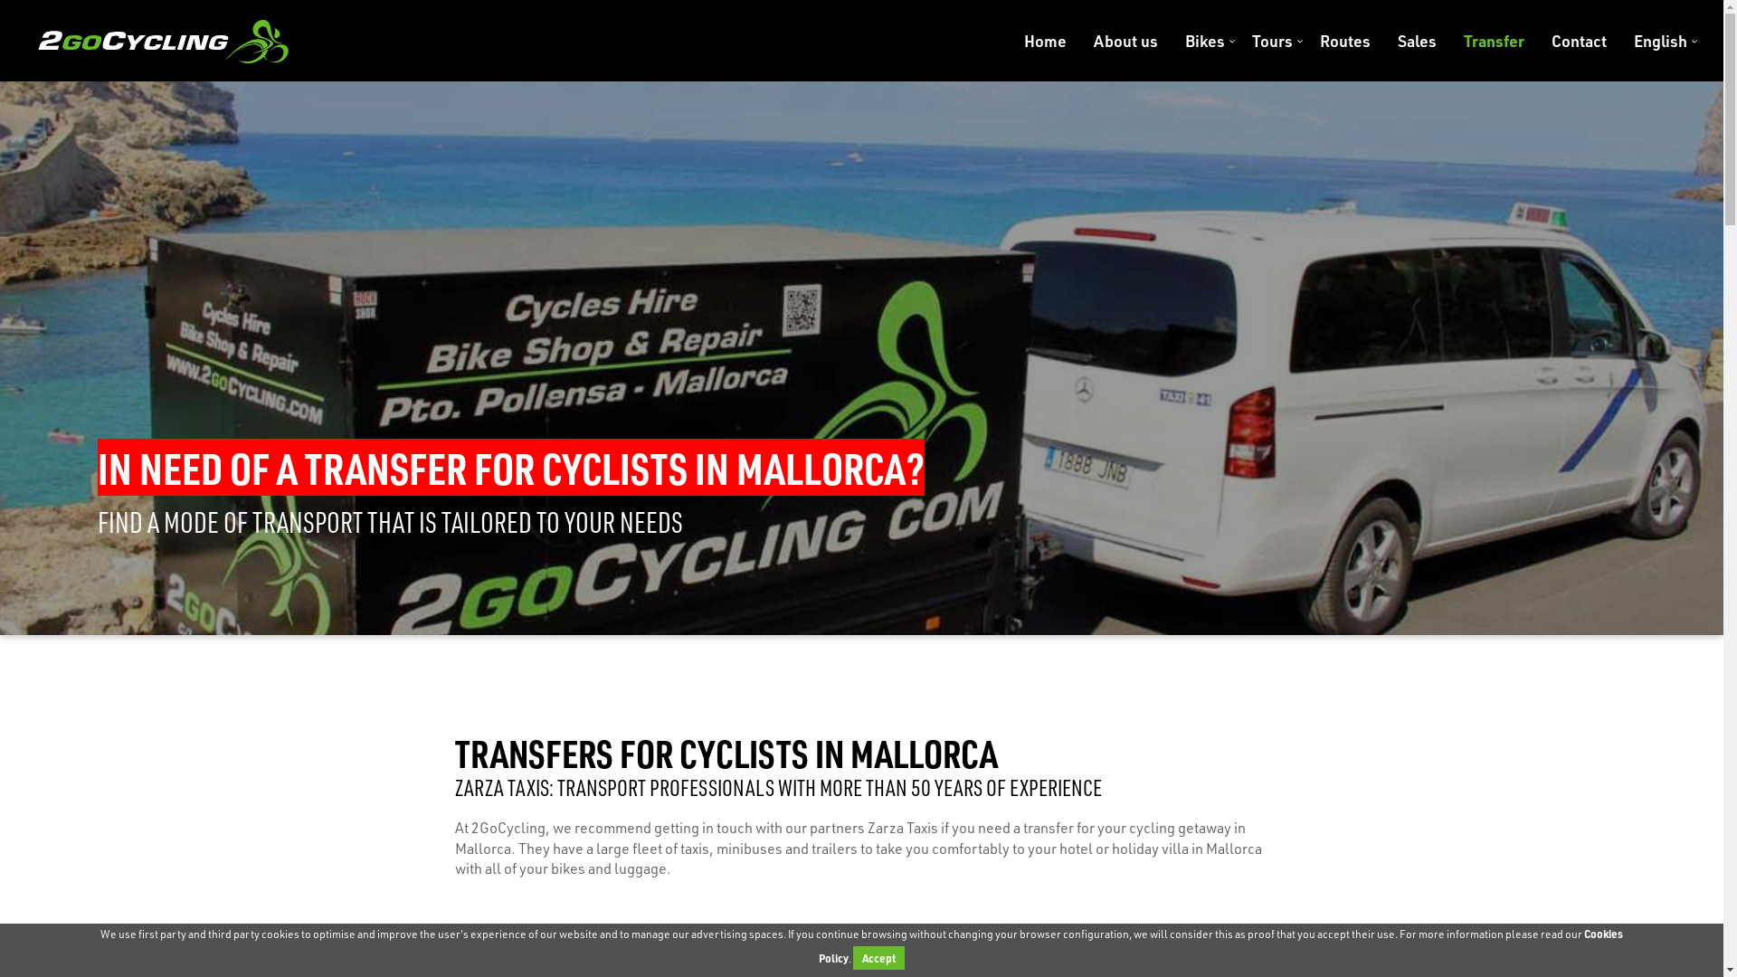  What do you see at coordinates (1654, 41) in the screenshot?
I see `'English'` at bounding box center [1654, 41].